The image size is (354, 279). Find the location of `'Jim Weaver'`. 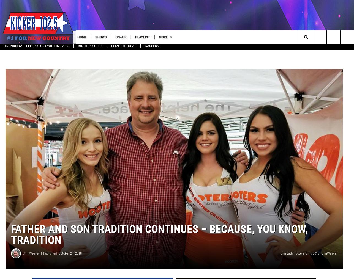

'Jim Weaver' is located at coordinates (31, 255).